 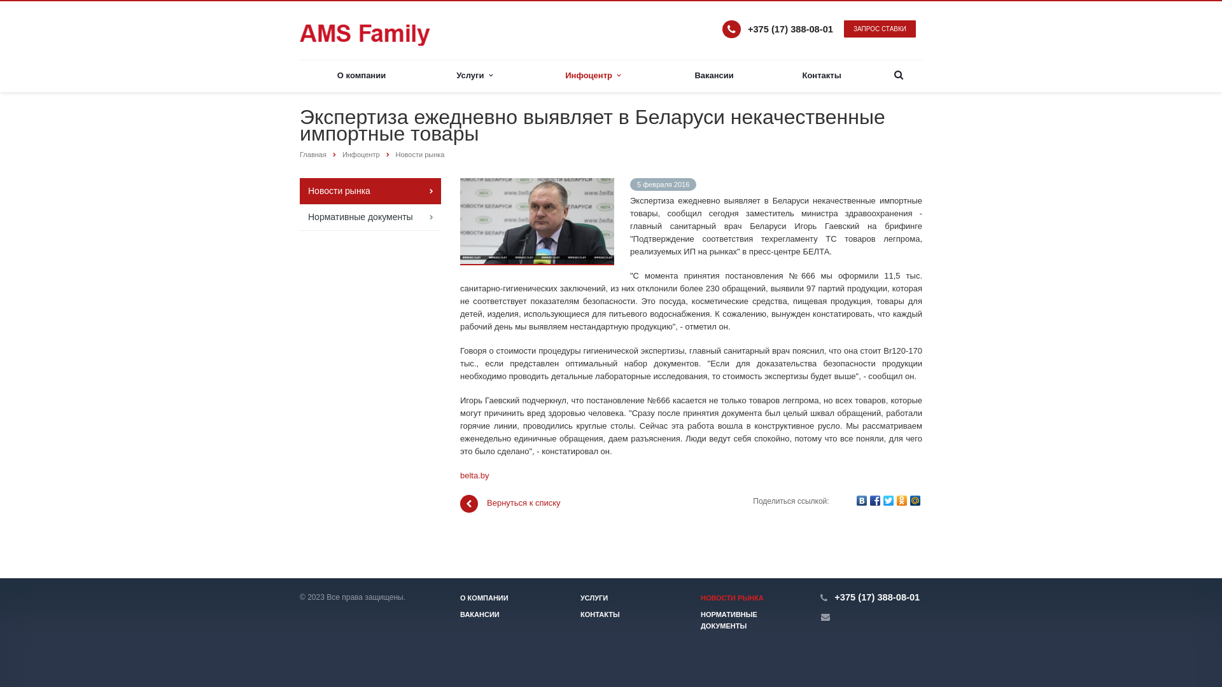 What do you see at coordinates (460, 475) in the screenshot?
I see `'belta.by'` at bounding box center [460, 475].